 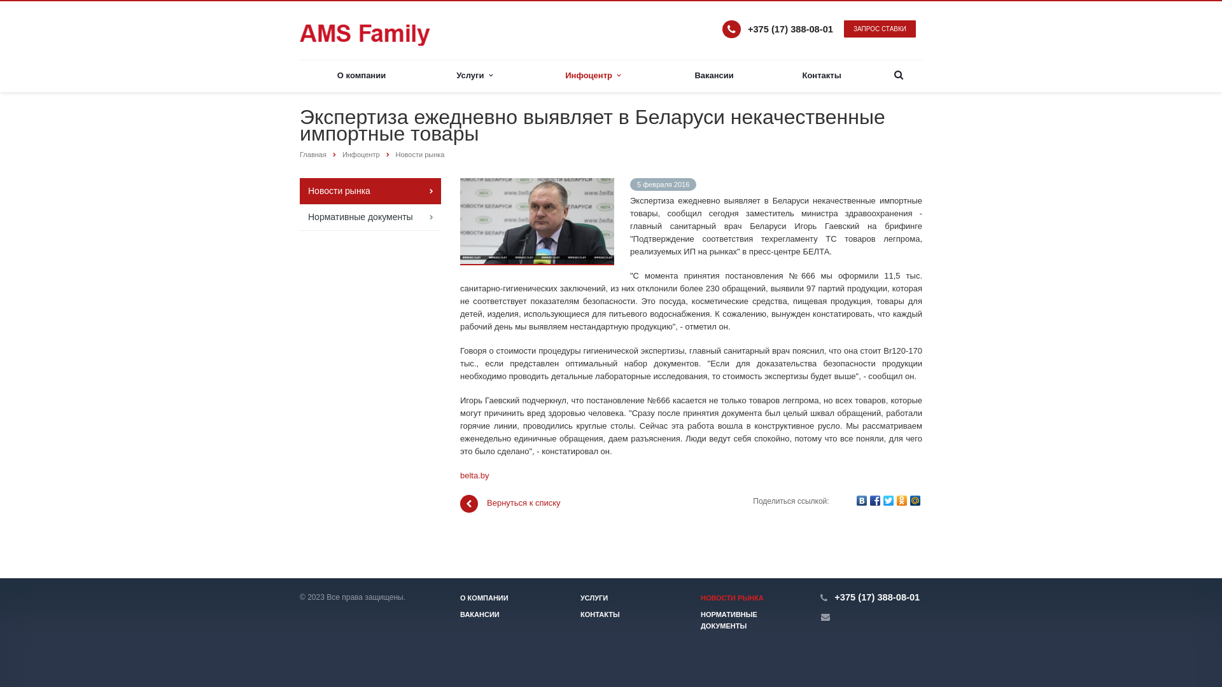 What do you see at coordinates (460, 475) in the screenshot?
I see `'belta.by'` at bounding box center [460, 475].